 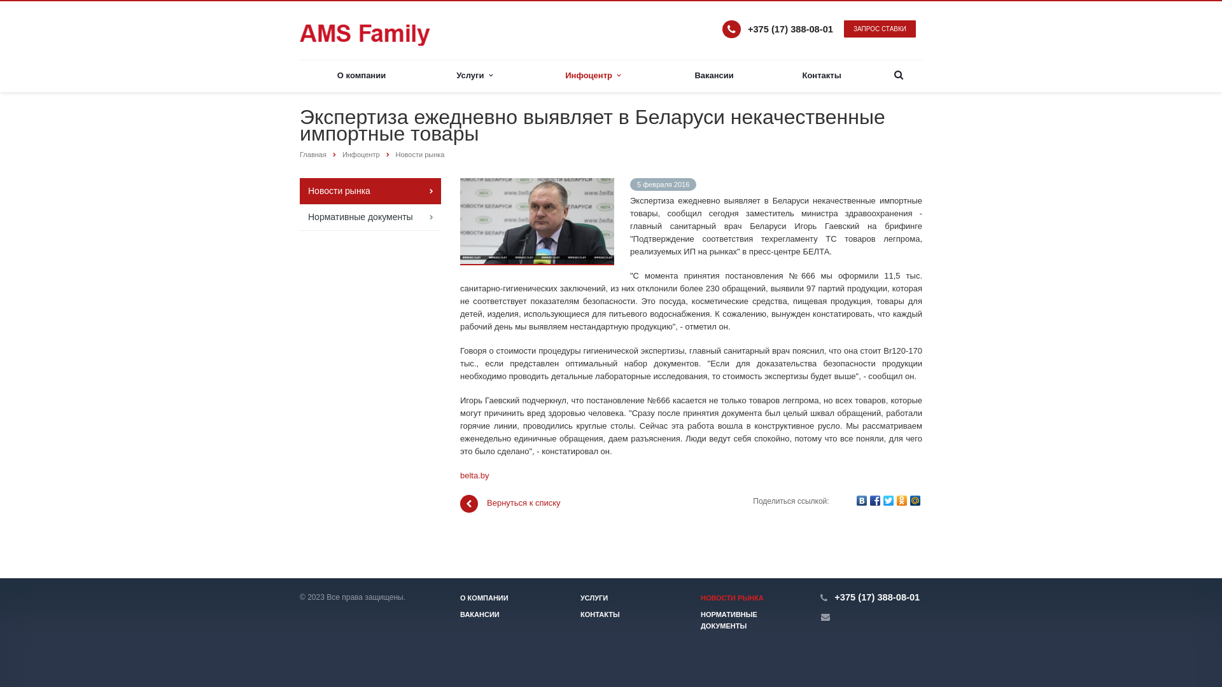 What do you see at coordinates (460, 475) in the screenshot?
I see `'belta.by'` at bounding box center [460, 475].